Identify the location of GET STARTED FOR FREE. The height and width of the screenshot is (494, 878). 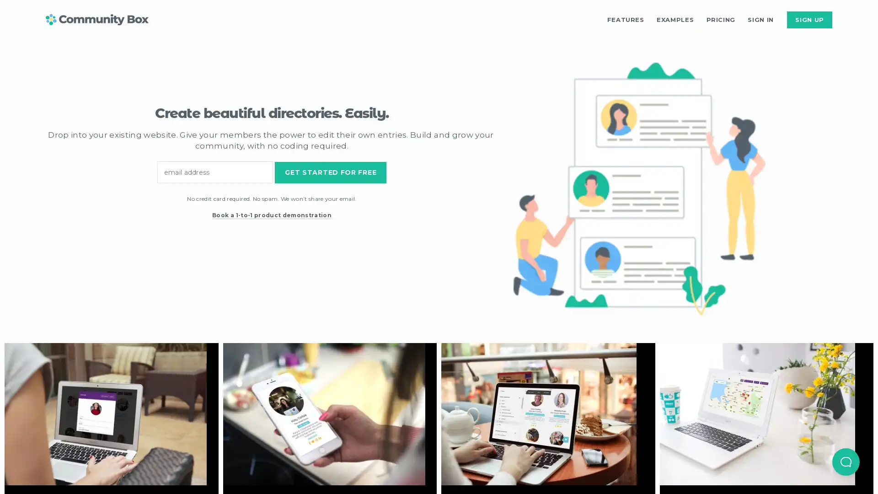
(330, 172).